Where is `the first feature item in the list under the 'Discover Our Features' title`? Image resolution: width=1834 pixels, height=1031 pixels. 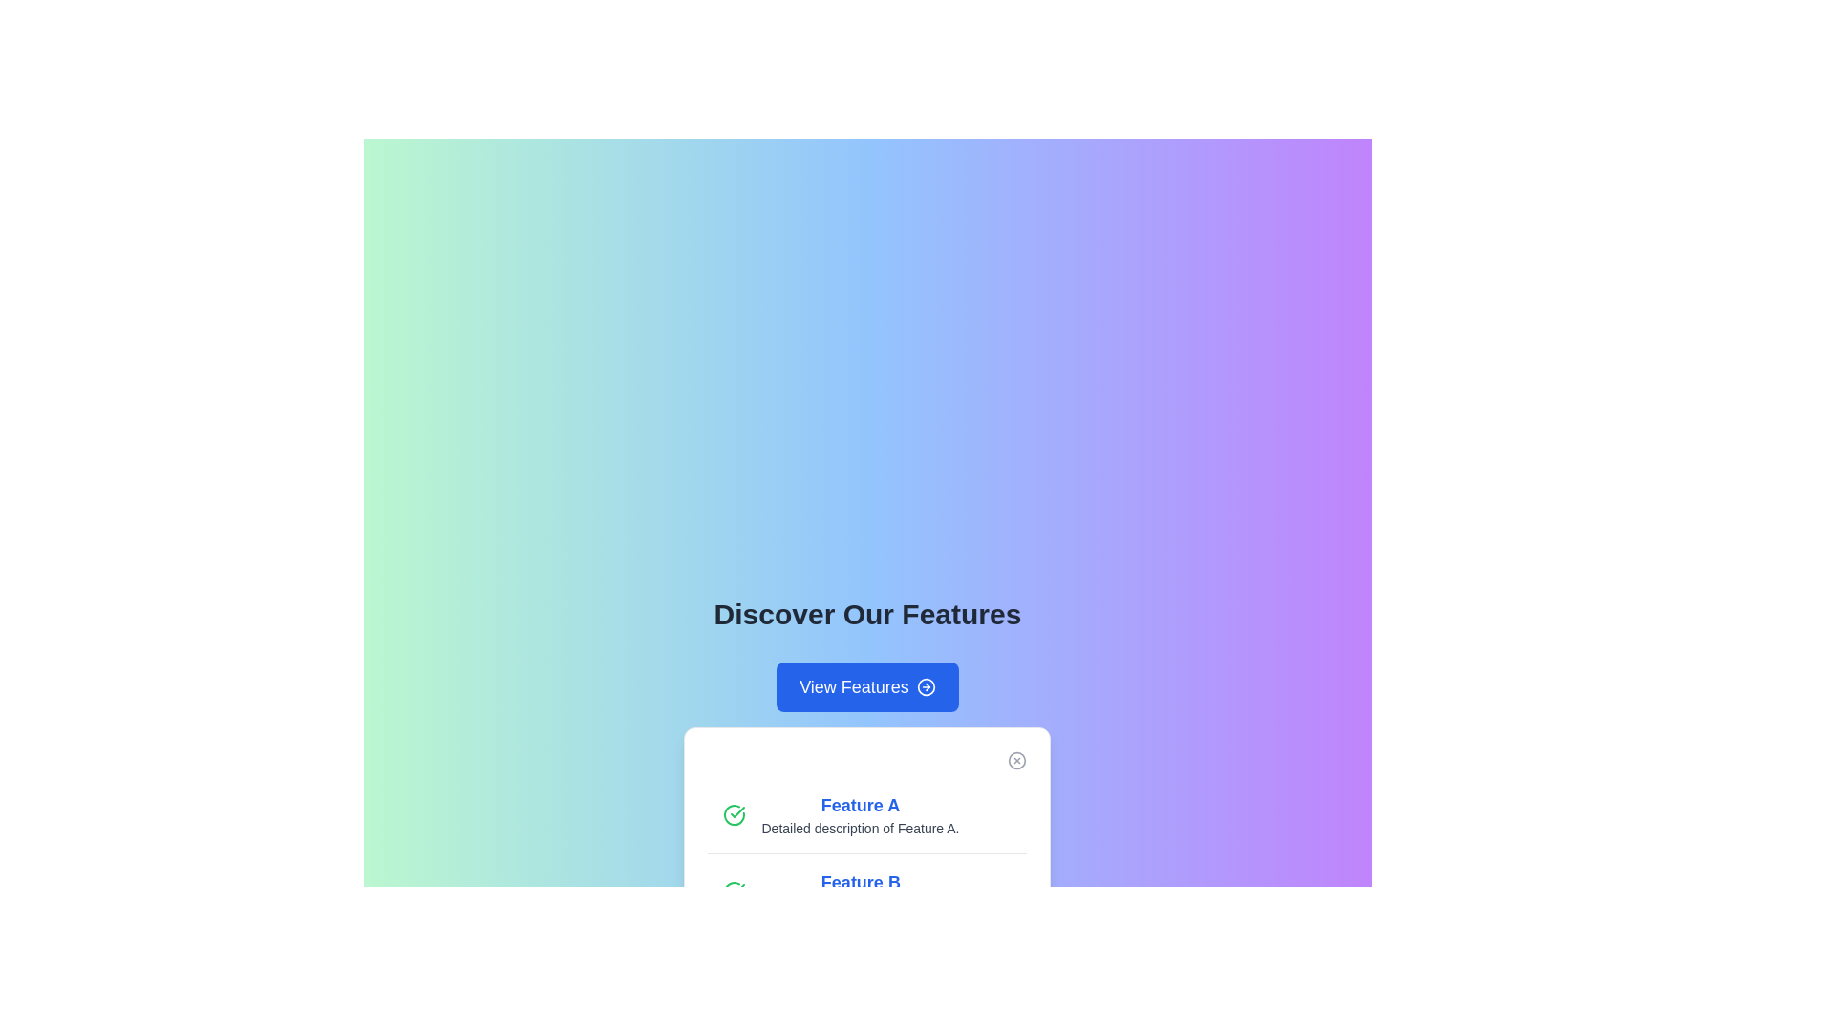
the first feature item in the list under the 'Discover Our Features' title is located at coordinates (866, 815).